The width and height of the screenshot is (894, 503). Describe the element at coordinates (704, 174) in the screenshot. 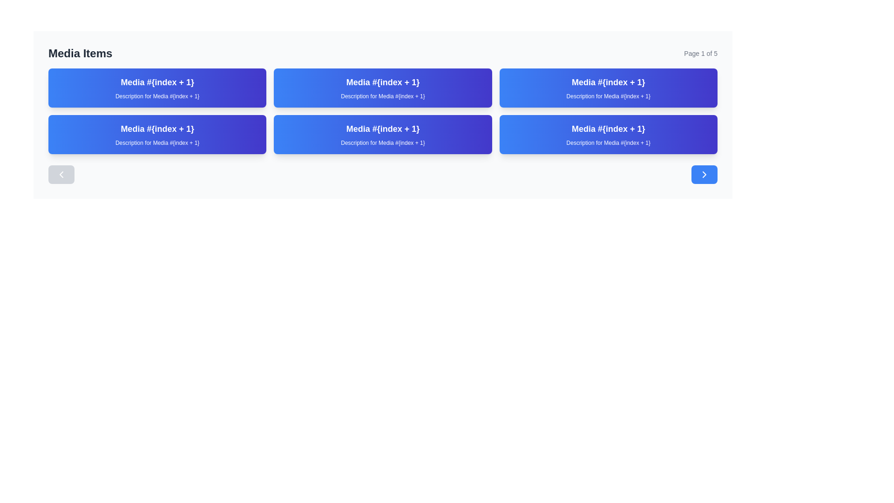

I see `the right-facing chevron arrow icon located within the blue square button at the bottom-right corner of the interface` at that location.